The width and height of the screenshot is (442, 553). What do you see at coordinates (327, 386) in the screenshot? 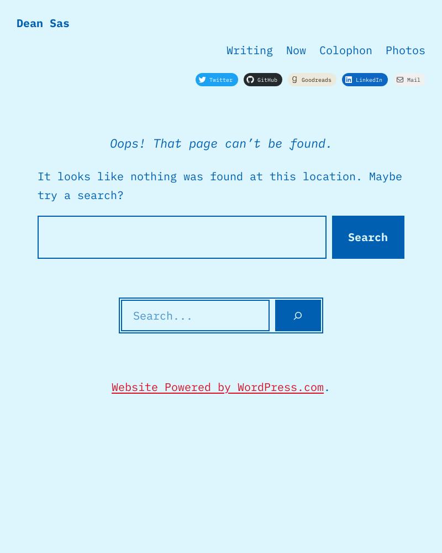
I see `'.'` at bounding box center [327, 386].